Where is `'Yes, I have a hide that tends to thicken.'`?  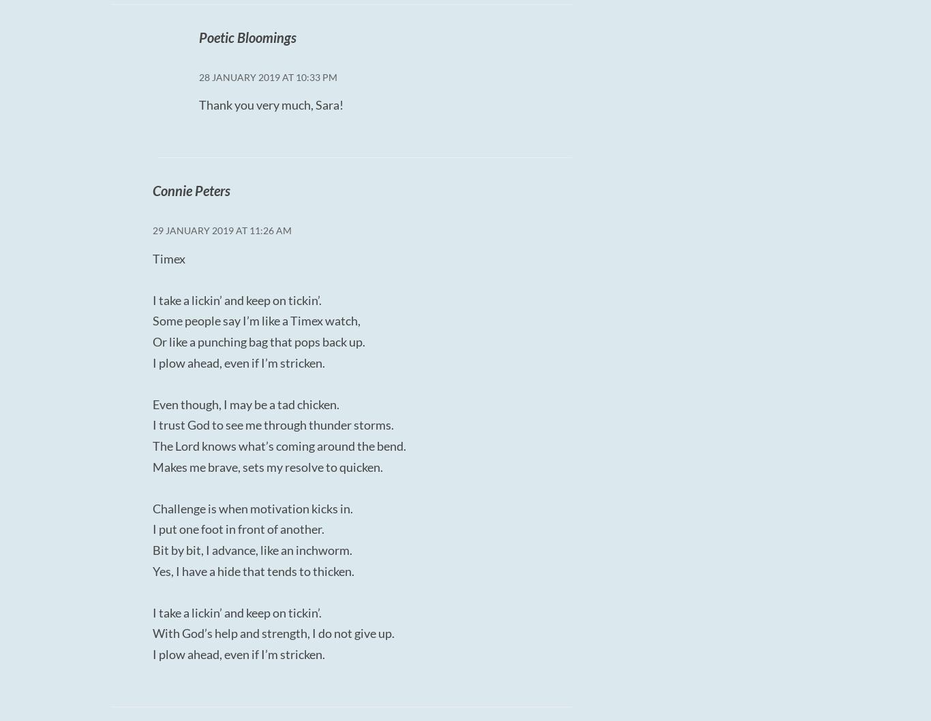
'Yes, I have a hide that tends to thicken.' is located at coordinates (252, 569).